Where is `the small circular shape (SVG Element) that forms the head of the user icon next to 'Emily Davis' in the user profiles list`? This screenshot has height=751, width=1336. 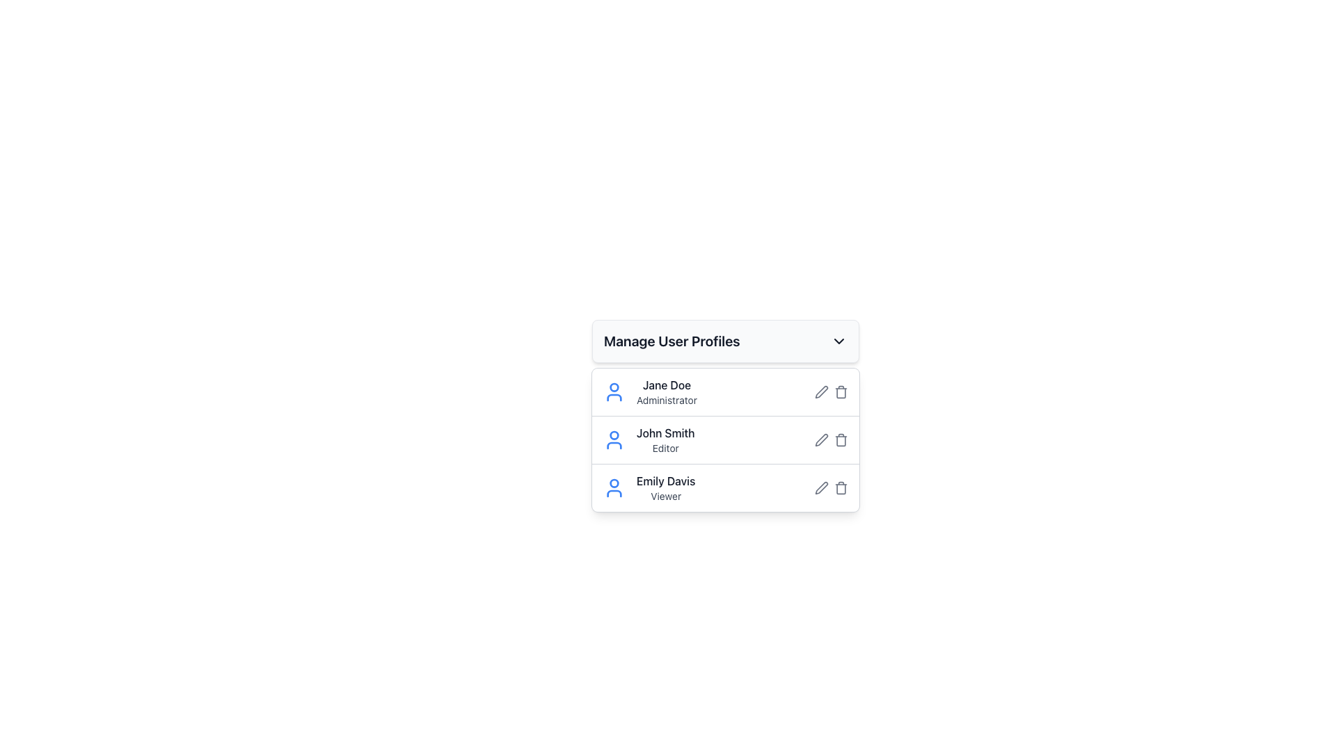 the small circular shape (SVG Element) that forms the head of the user icon next to 'Emily Davis' in the user profiles list is located at coordinates (614, 482).